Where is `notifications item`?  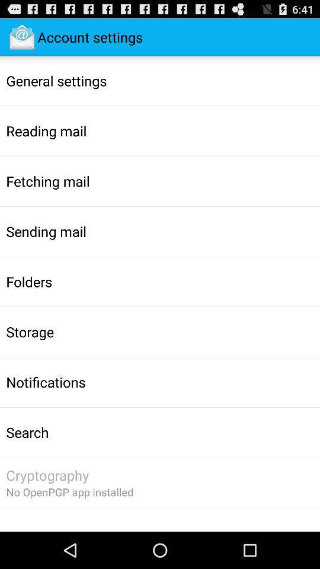
notifications item is located at coordinates (45, 381).